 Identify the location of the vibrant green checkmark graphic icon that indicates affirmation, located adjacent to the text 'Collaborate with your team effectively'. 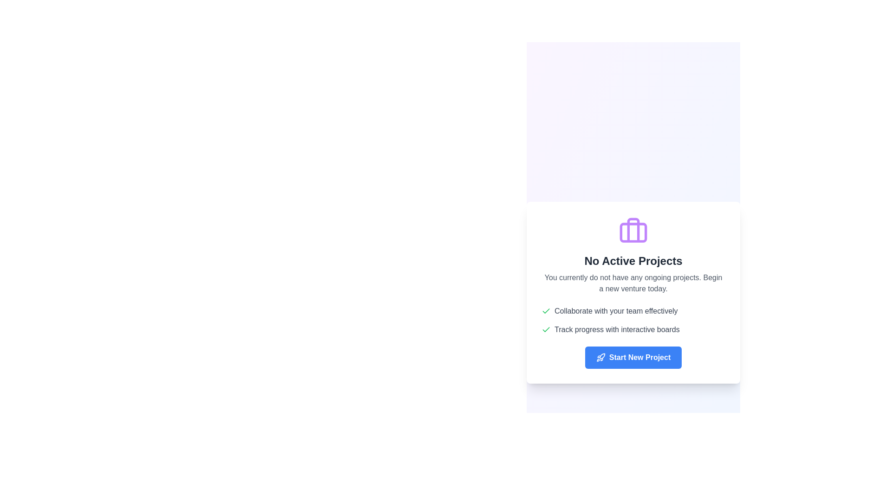
(546, 328).